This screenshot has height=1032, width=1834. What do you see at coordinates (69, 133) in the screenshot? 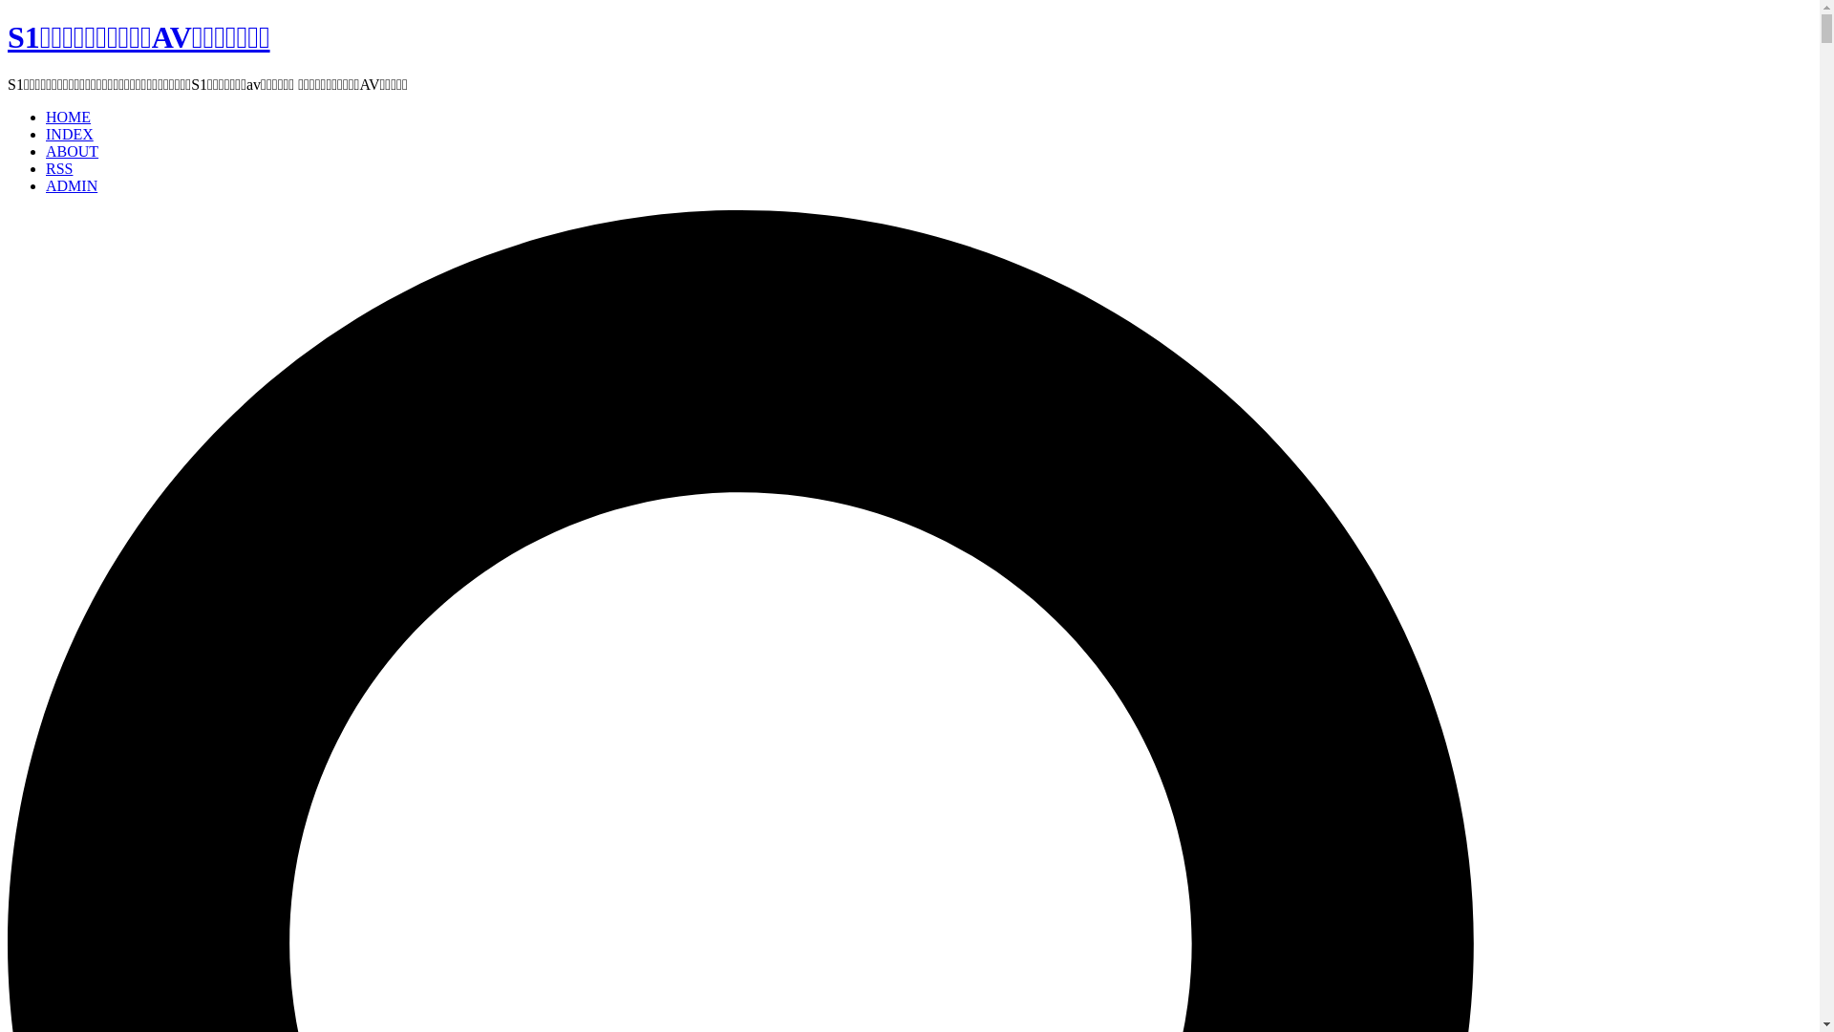
I see `'INDEX'` at bounding box center [69, 133].